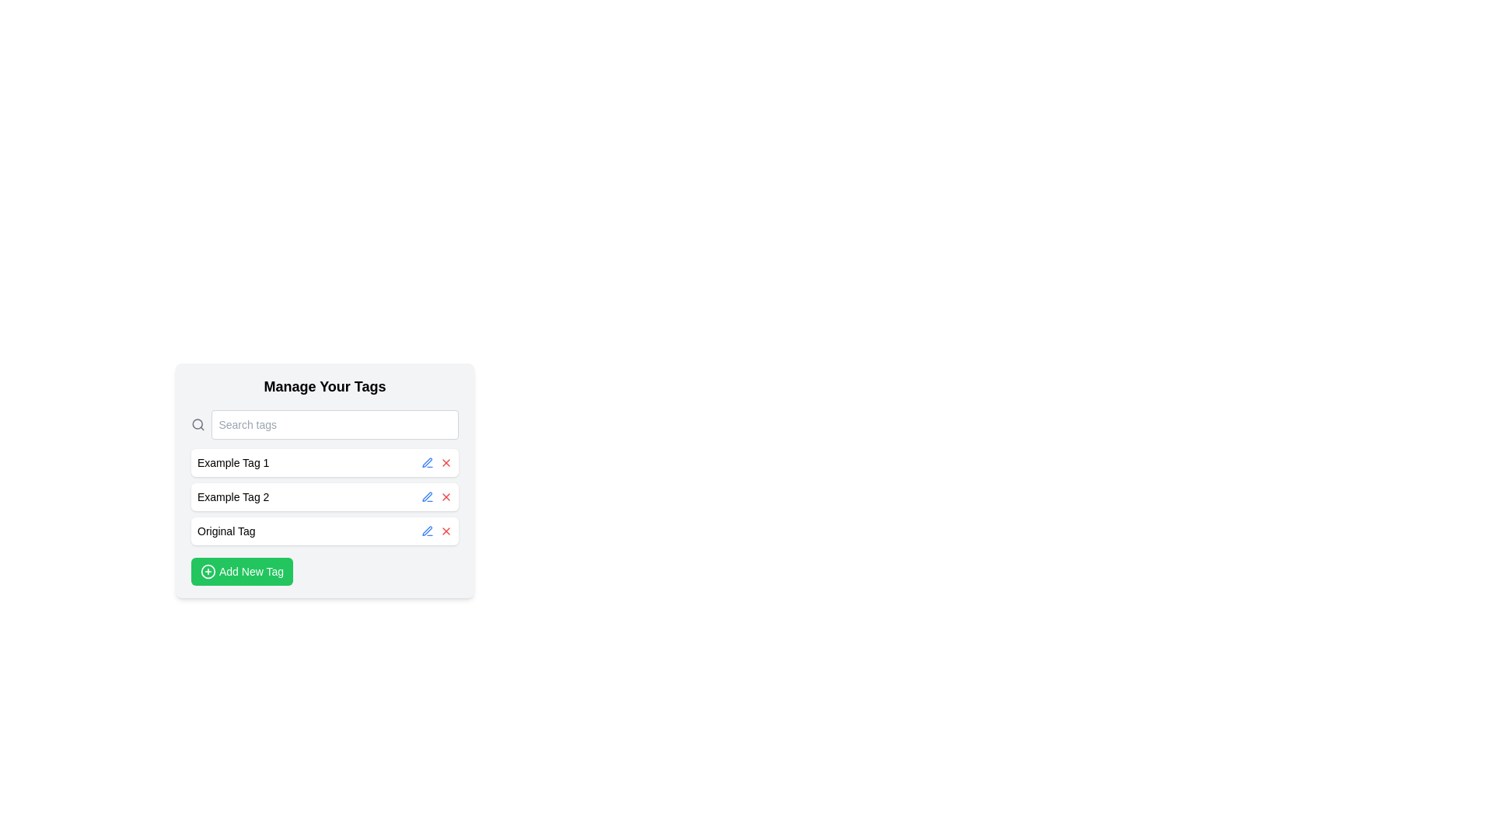 The image size is (1493, 839). What do you see at coordinates (323, 572) in the screenshot?
I see `the 'Add Tag' button located at the bottom of the 'Manage Your Tags' section` at bounding box center [323, 572].